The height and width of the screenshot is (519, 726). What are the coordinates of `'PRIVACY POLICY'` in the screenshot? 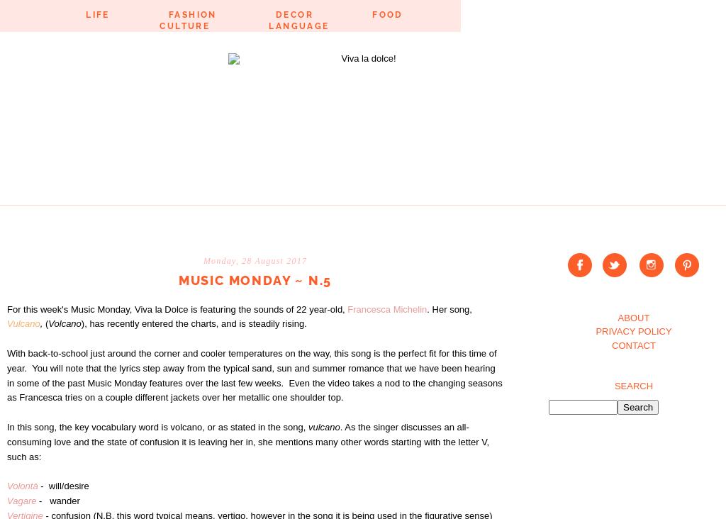 It's located at (633, 331).